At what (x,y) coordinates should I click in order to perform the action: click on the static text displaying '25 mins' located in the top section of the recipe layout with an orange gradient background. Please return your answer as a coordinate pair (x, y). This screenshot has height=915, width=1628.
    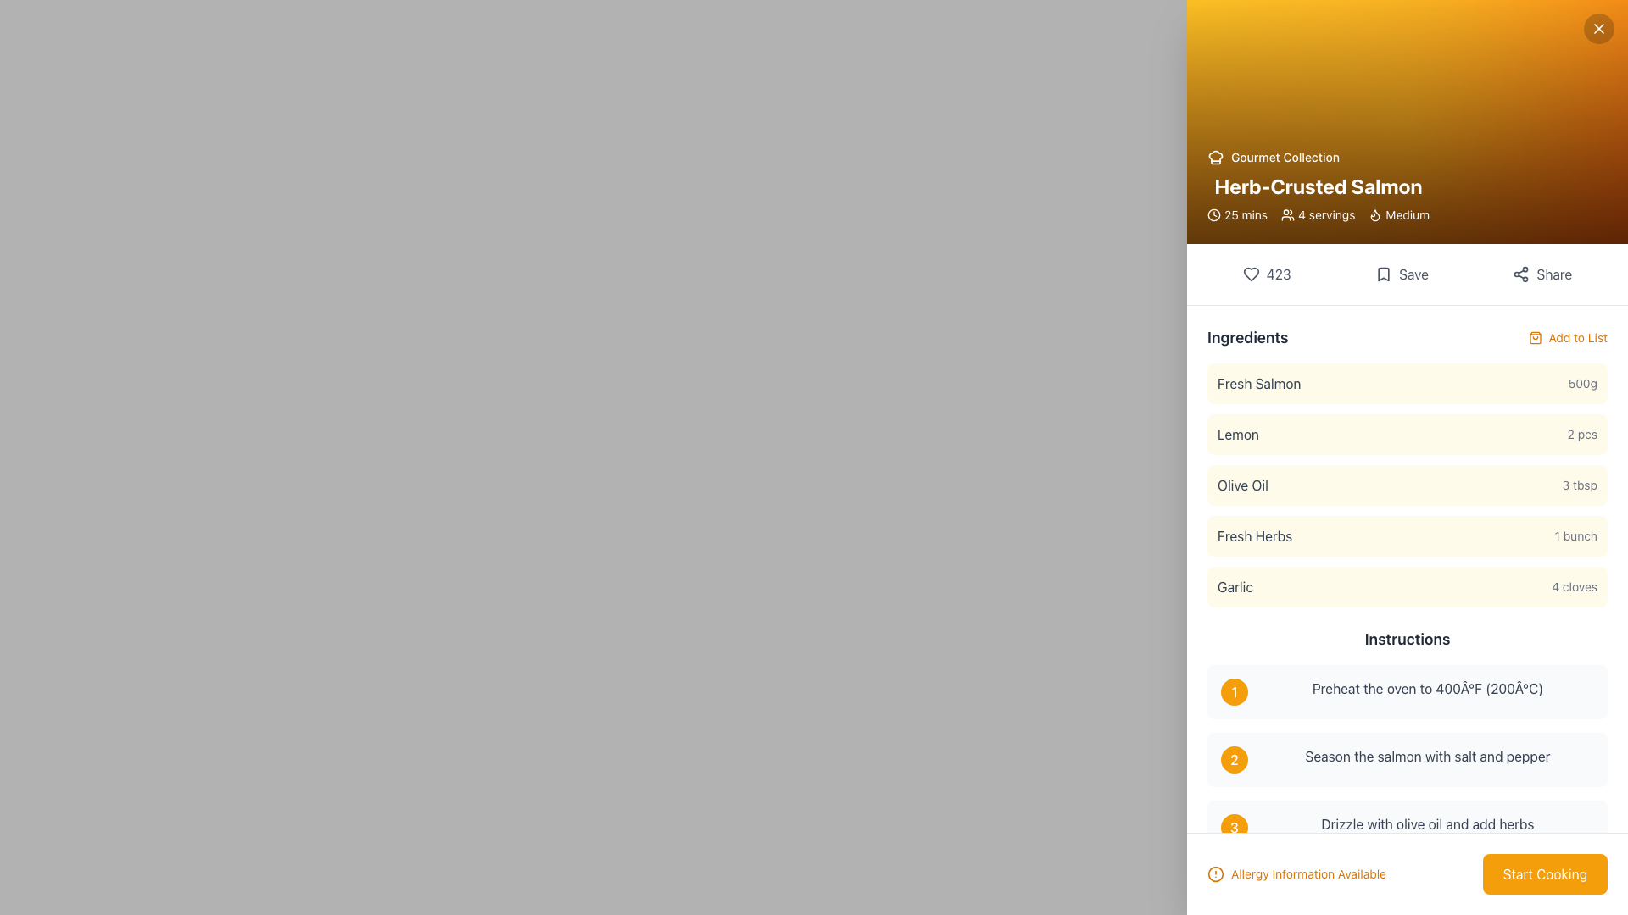
    Looking at the image, I should click on (1246, 214).